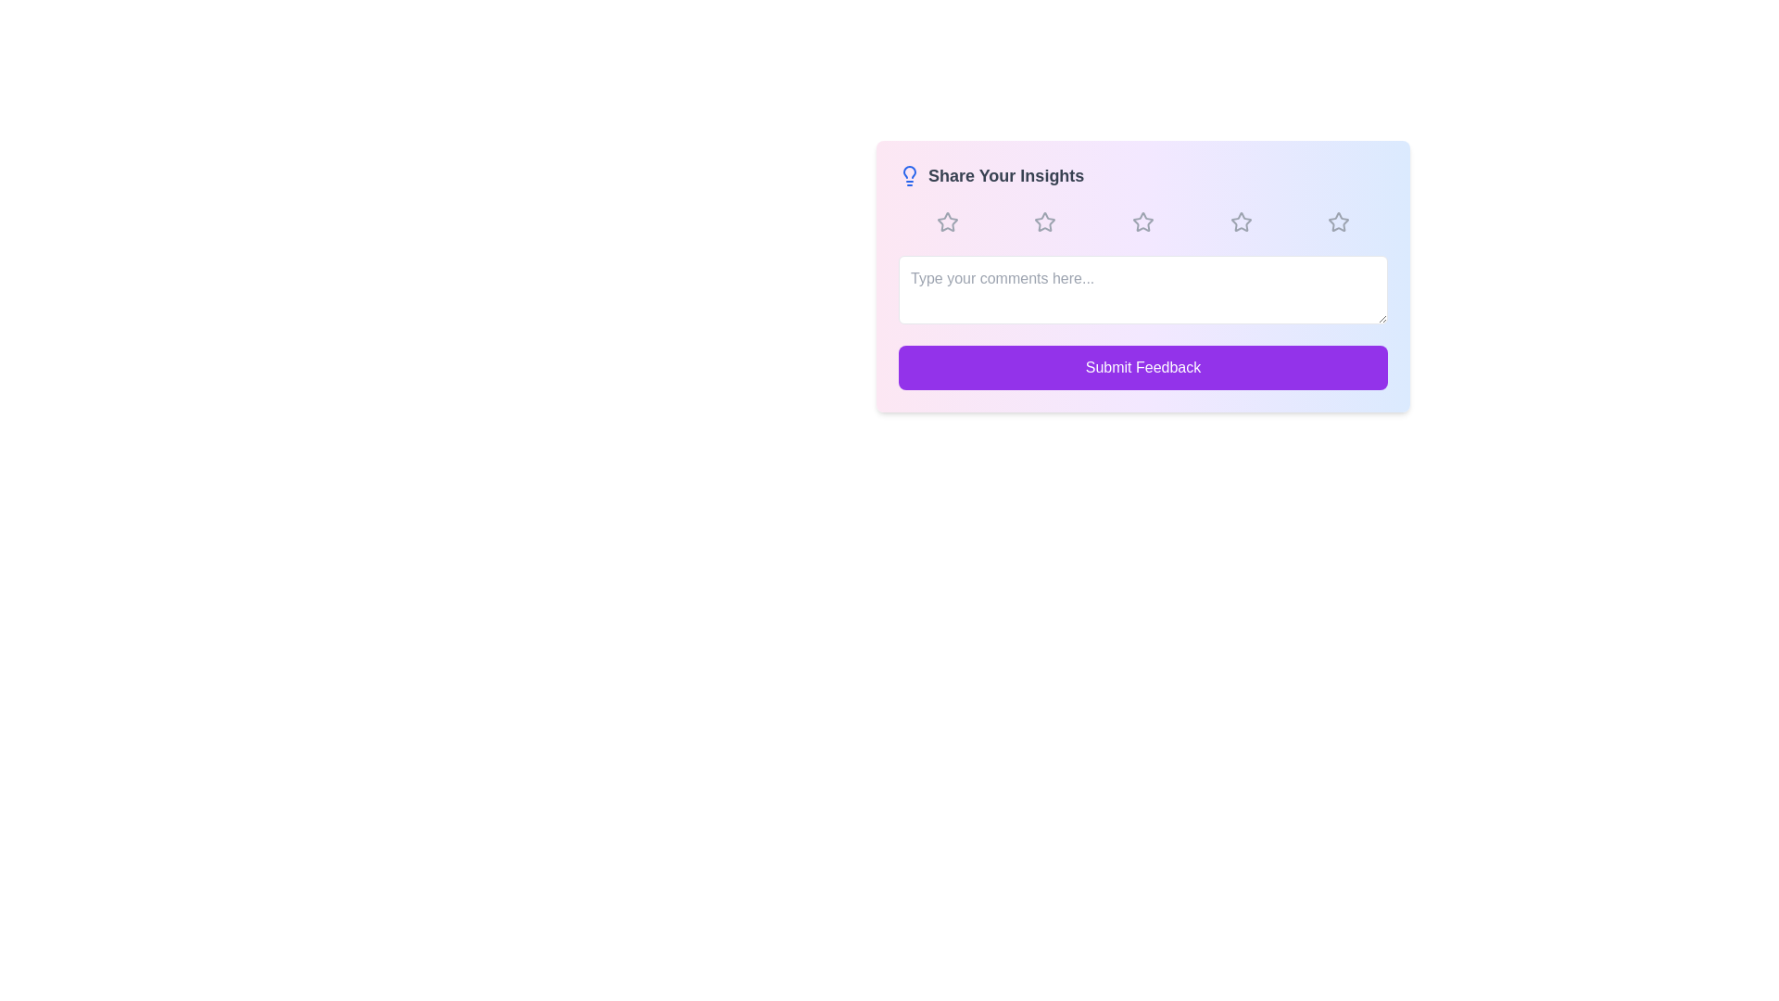  I want to click on the star corresponding to 5 stars to preview the rating, so click(1339, 221).